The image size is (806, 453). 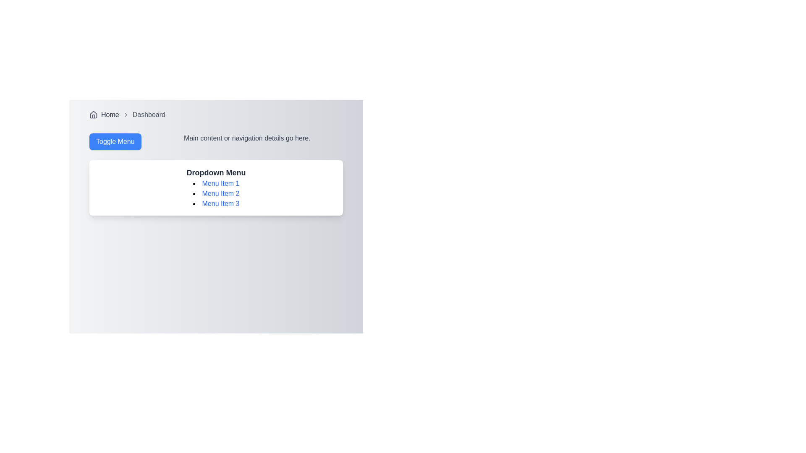 What do you see at coordinates (93, 115) in the screenshot?
I see `the house icon in the SVG graphic representing the 'Home' breadcrumb link for navigation` at bounding box center [93, 115].